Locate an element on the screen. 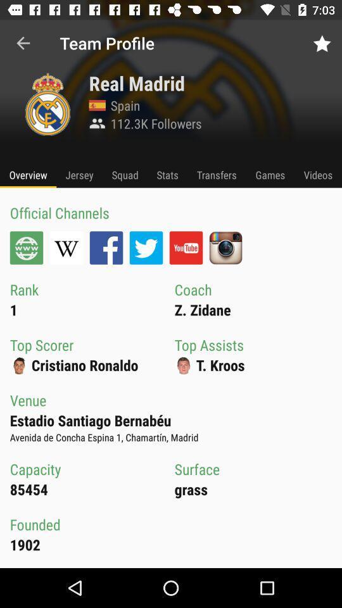 The height and width of the screenshot is (608, 342). the icon above the coach is located at coordinates (185, 247).